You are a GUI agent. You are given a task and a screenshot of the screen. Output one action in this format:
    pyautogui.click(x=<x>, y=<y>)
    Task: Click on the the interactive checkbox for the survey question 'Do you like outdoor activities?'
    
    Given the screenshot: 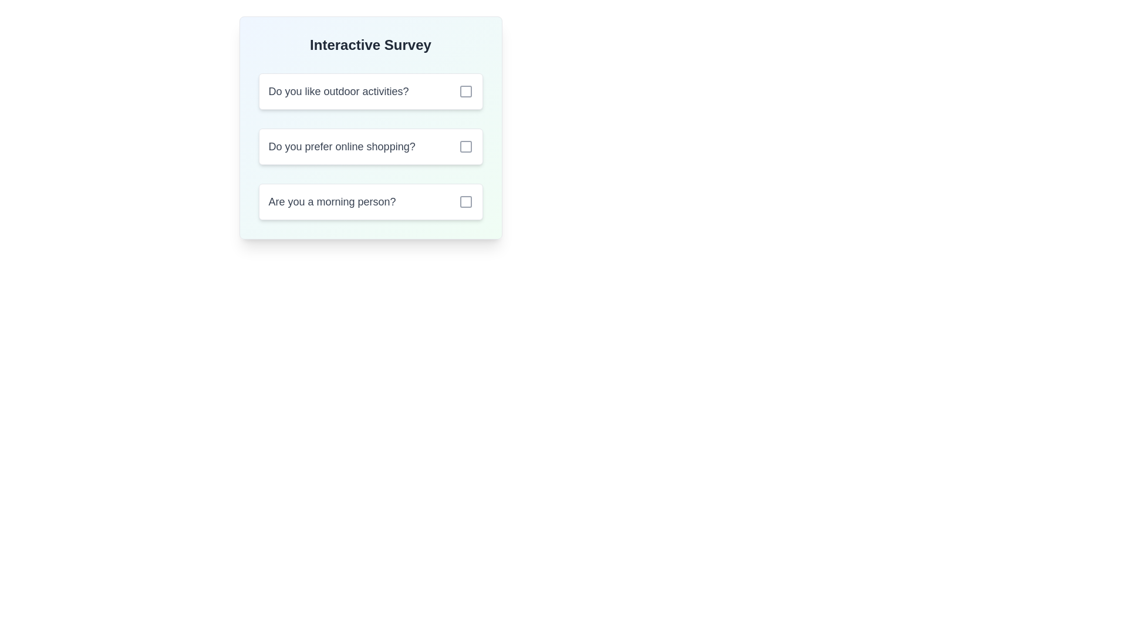 What is the action you would take?
    pyautogui.click(x=465, y=90)
    